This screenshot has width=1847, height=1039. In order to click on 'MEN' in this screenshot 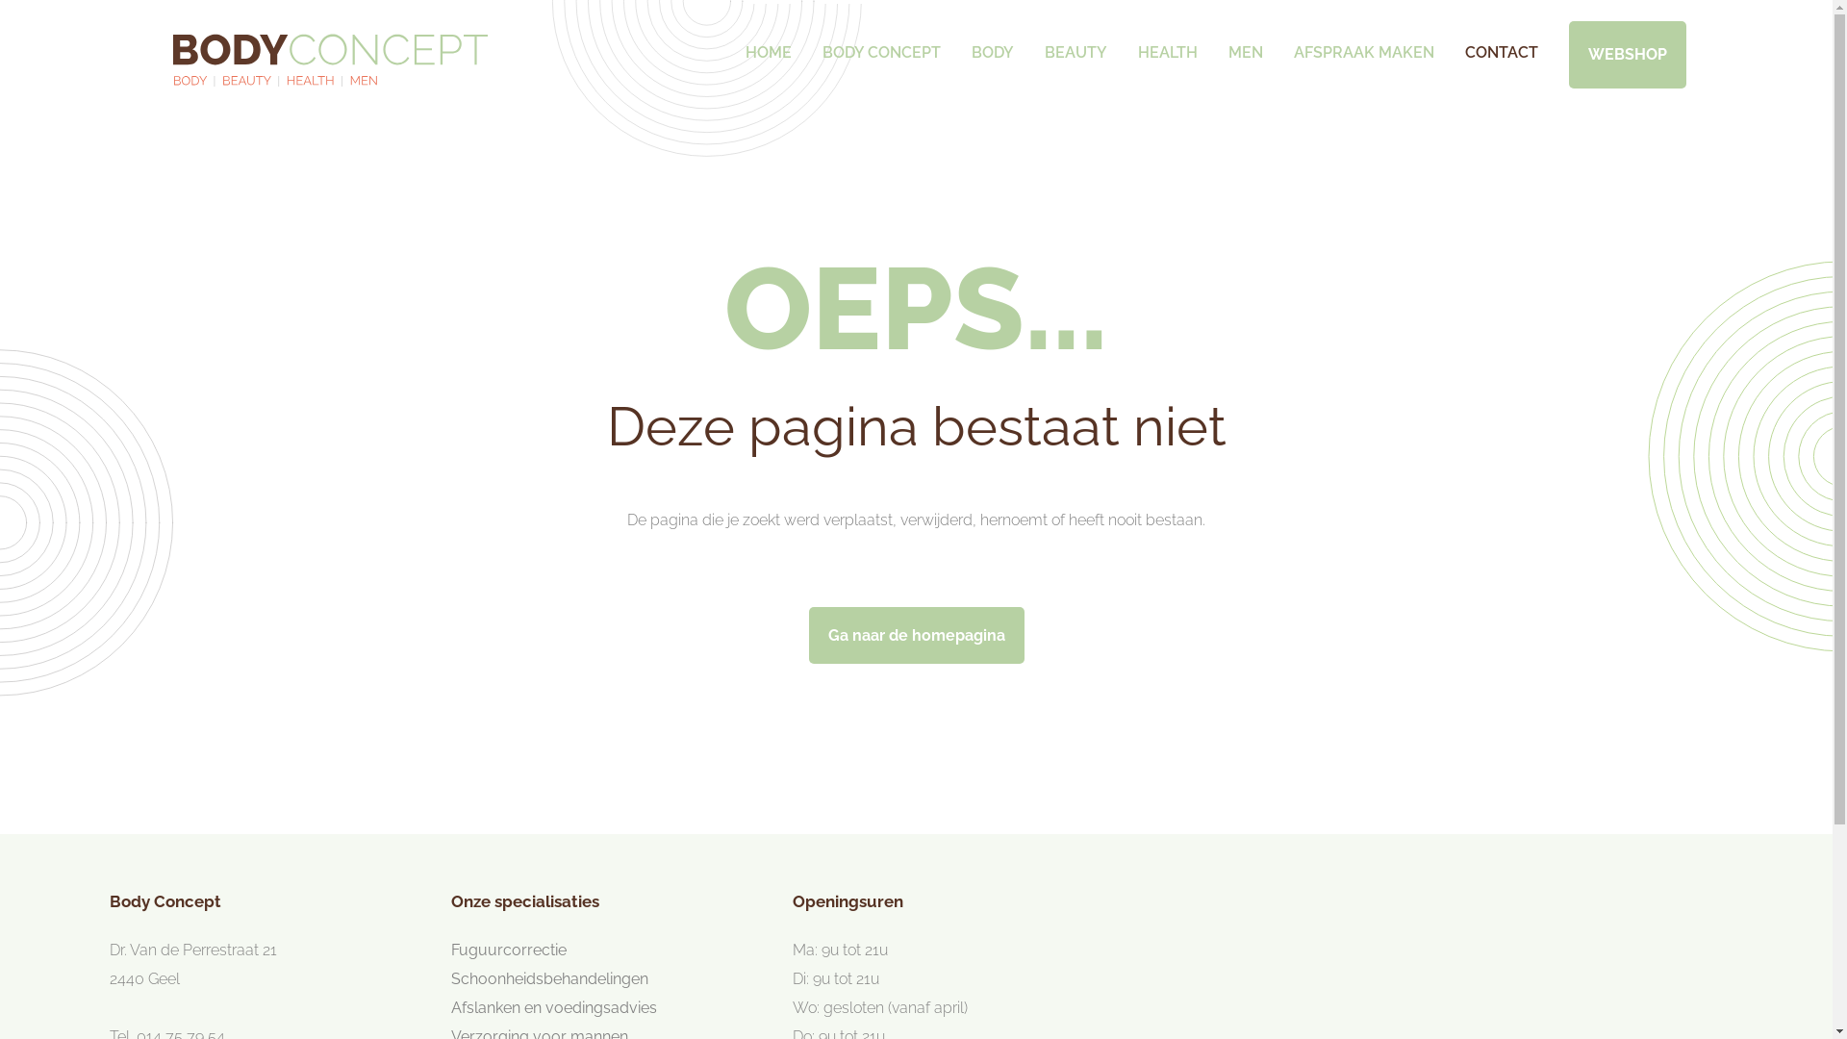, I will do `click(1224, 41)`.